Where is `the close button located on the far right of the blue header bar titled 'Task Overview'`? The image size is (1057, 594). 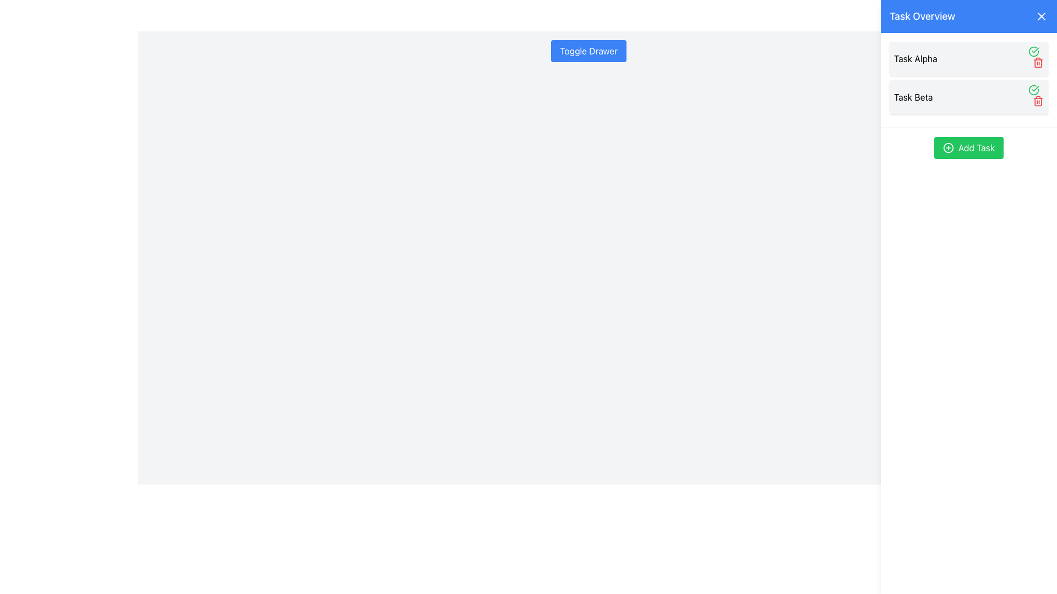 the close button located on the far right of the blue header bar titled 'Task Overview' is located at coordinates (1040, 16).